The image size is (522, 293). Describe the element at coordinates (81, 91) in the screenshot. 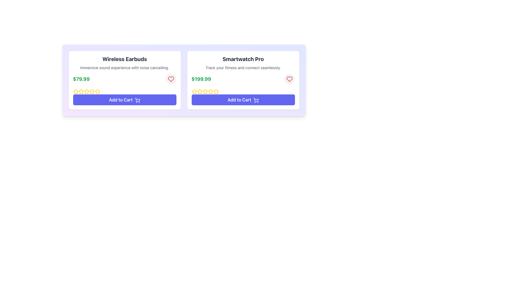

I see `the third yellow/gold rating star icon` at that location.